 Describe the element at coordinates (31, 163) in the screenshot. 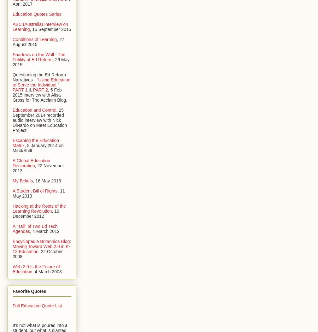

I see `'A Global Education Declaration'` at that location.